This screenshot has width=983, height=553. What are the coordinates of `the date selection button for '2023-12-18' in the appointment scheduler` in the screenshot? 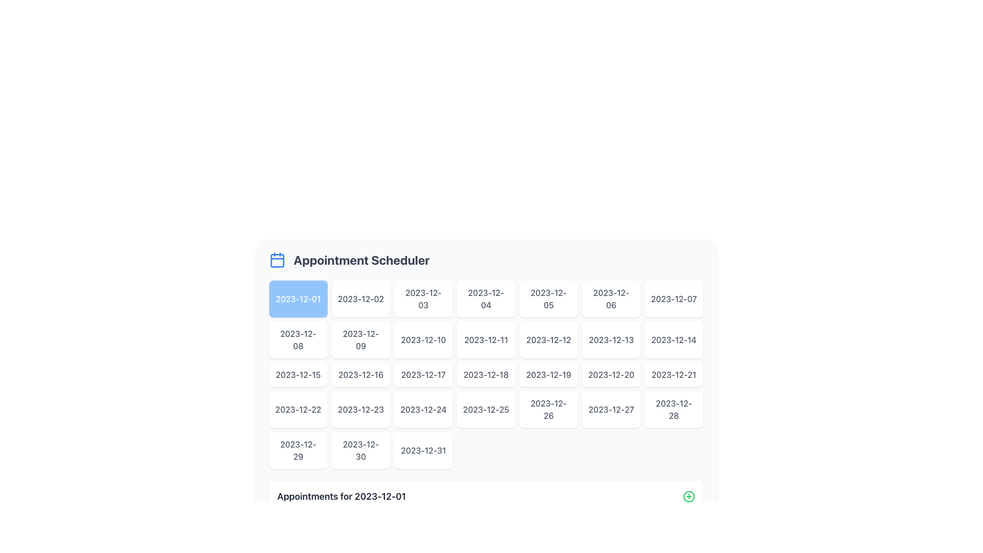 It's located at (485, 375).